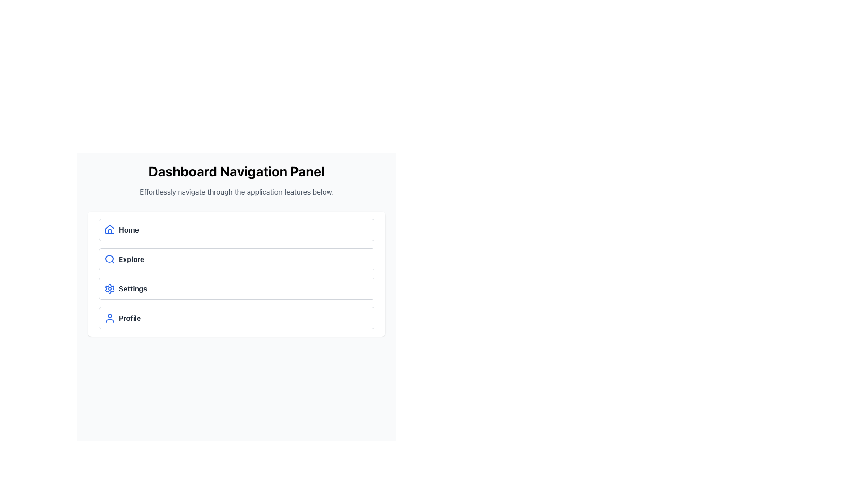 The image size is (858, 482). I want to click on the decorative 'Home' icon that visually represents the associated button functionality, located at the far left of the 'Home' link, so click(109, 229).